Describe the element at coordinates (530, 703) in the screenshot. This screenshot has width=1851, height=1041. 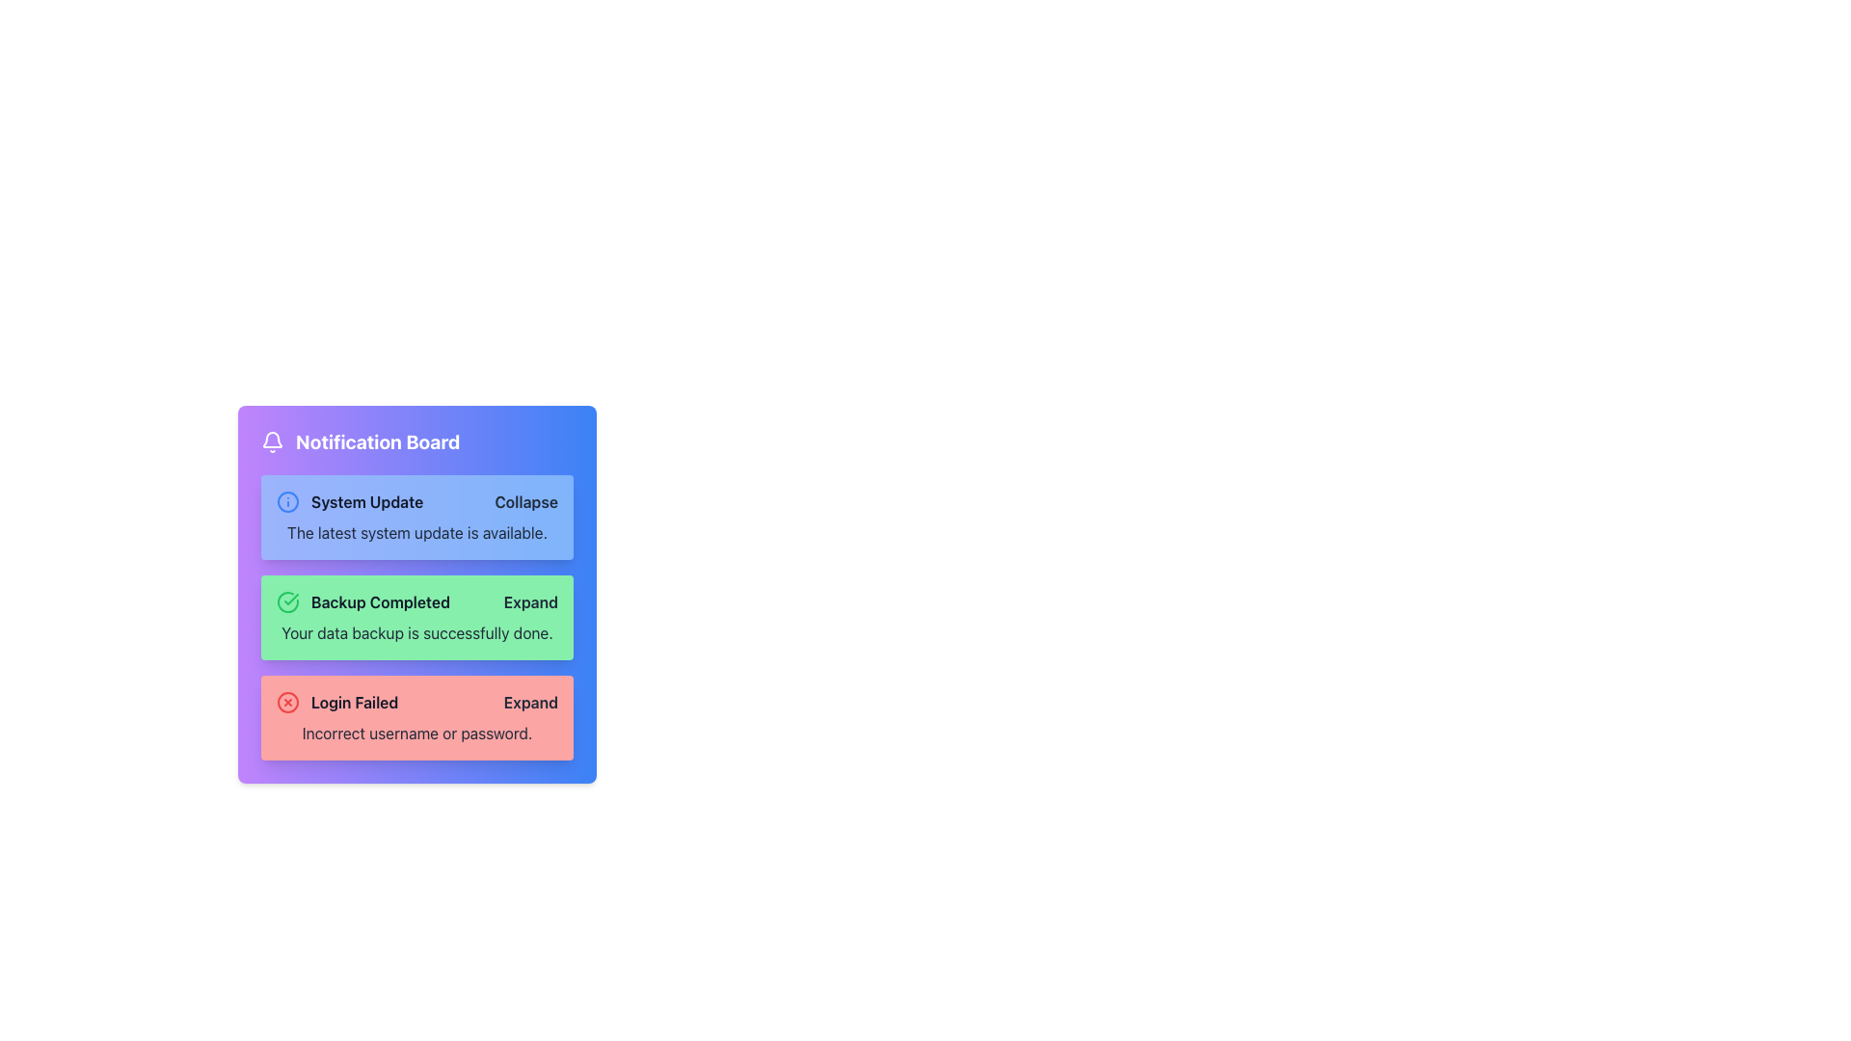
I see `the 'Expand' button, which is a text button styled in bold gray, positioned on the right side of the 'Login Failed' notification box` at that location.